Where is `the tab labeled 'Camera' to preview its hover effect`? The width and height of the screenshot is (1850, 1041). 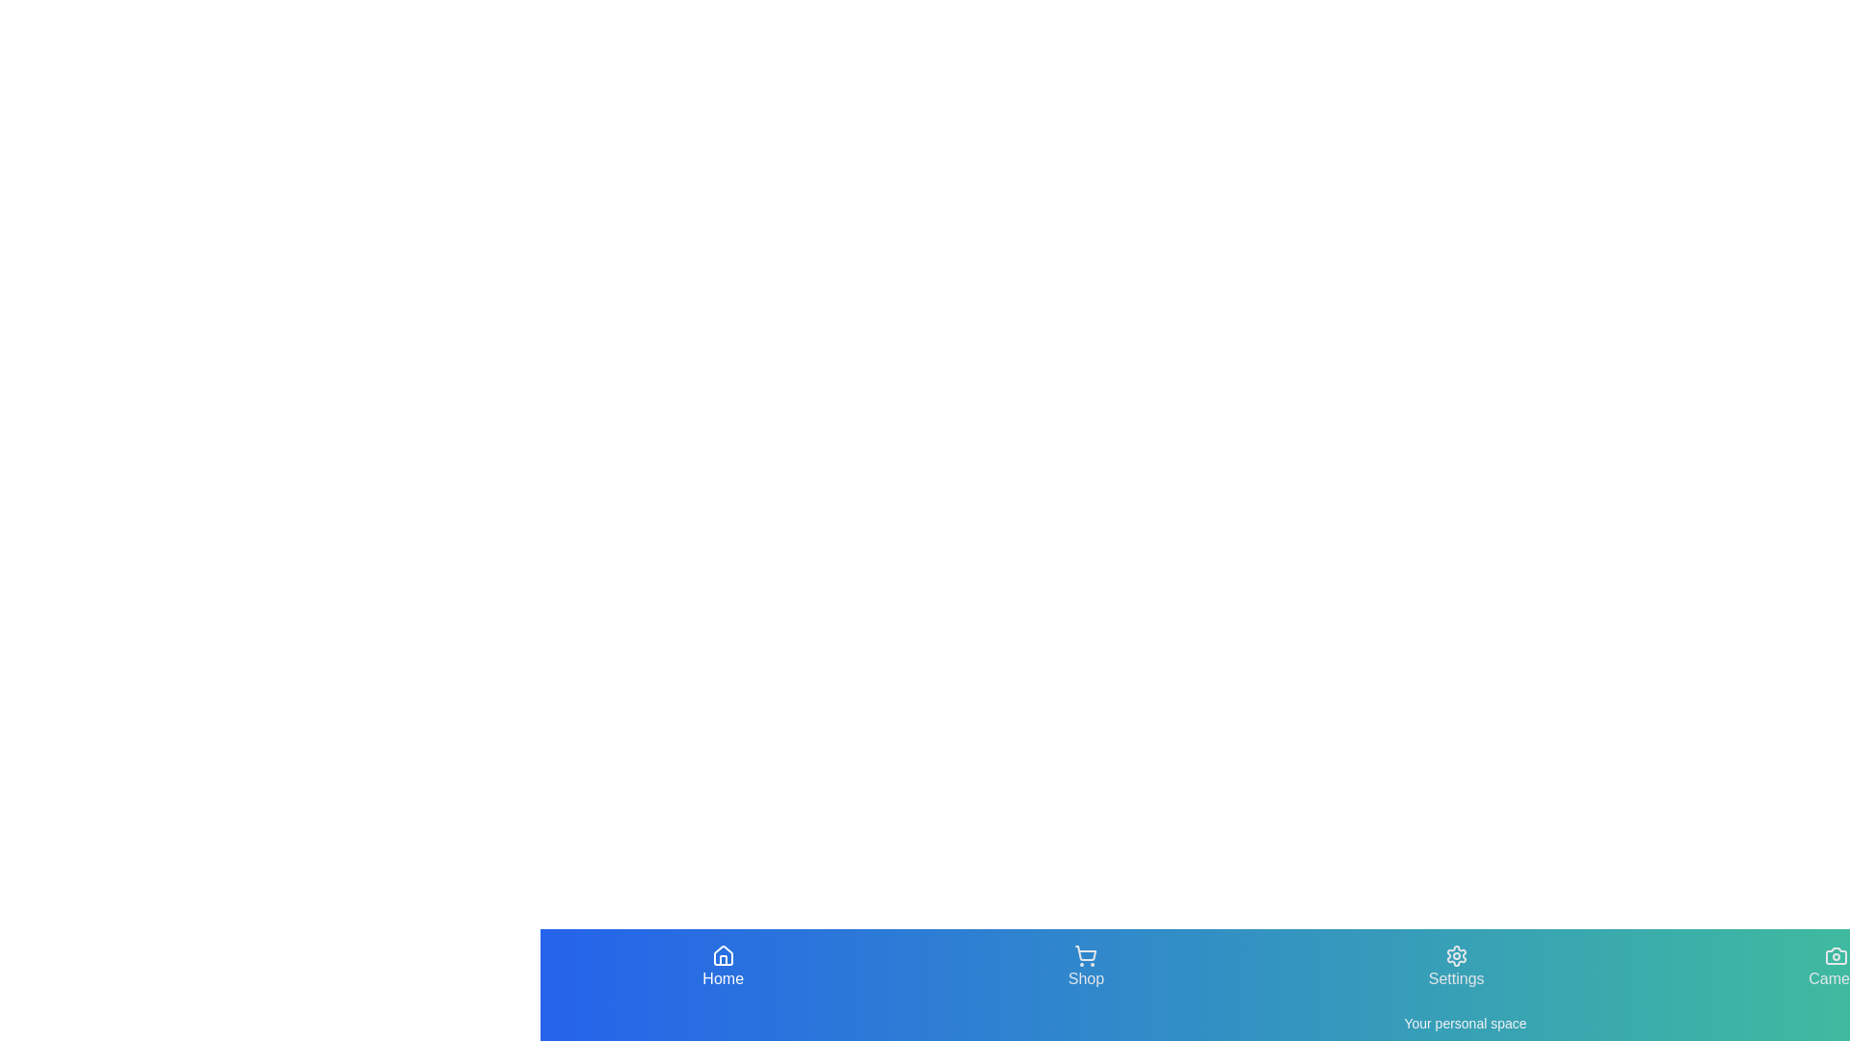
the tab labeled 'Camera' to preview its hover effect is located at coordinates (1835, 967).